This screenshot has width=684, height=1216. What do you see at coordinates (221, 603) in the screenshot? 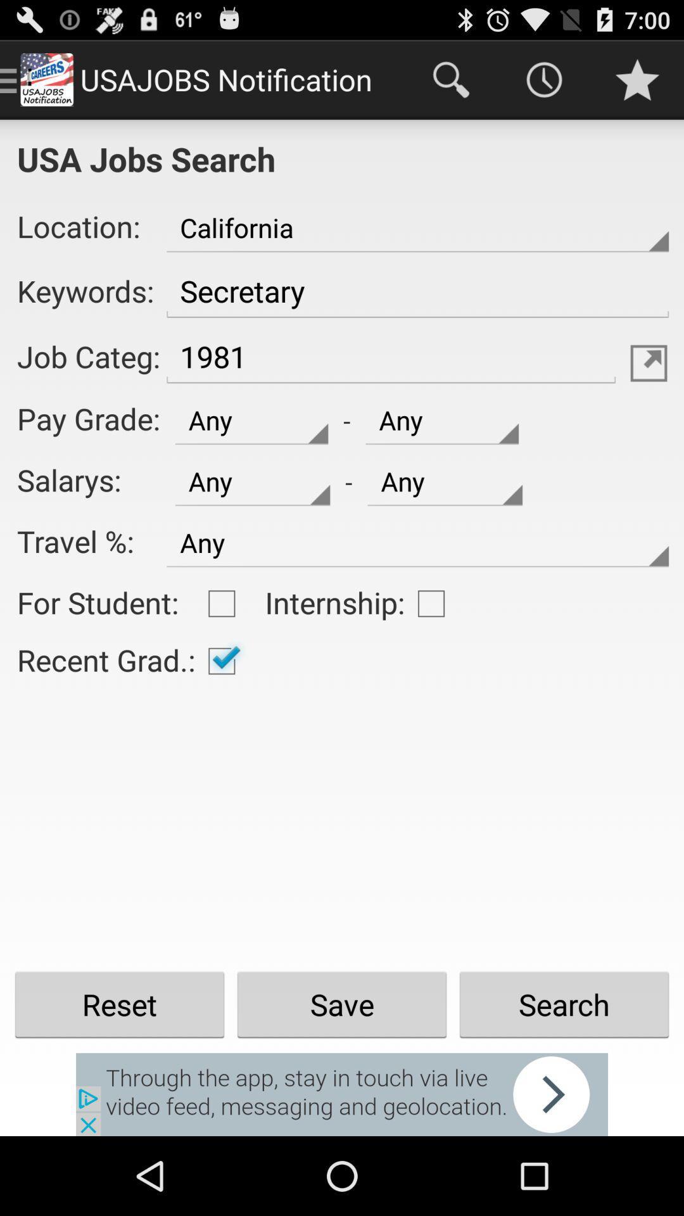
I see `this option` at bounding box center [221, 603].